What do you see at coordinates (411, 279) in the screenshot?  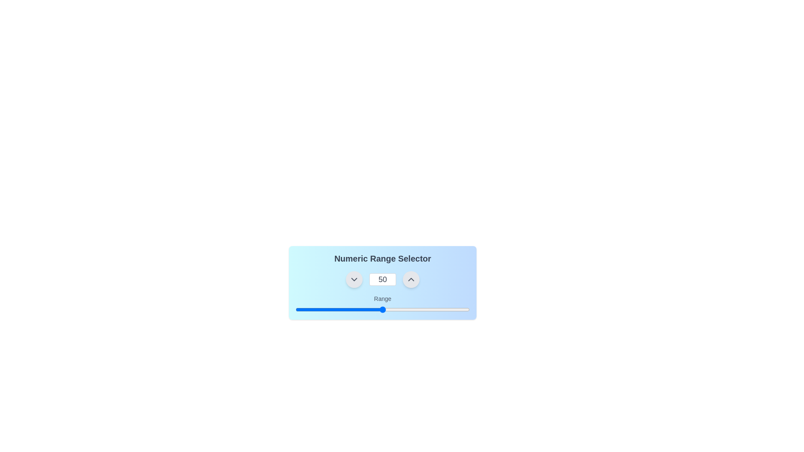 I see `the upward-pointing triangular icon within the circular button located near the top-right corner of the numerical input field to increment the number` at bounding box center [411, 279].